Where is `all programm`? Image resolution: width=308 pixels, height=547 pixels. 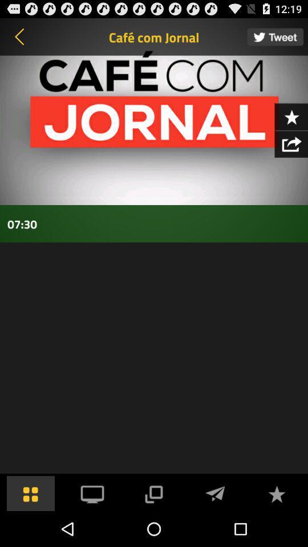
all programm is located at coordinates (31, 492).